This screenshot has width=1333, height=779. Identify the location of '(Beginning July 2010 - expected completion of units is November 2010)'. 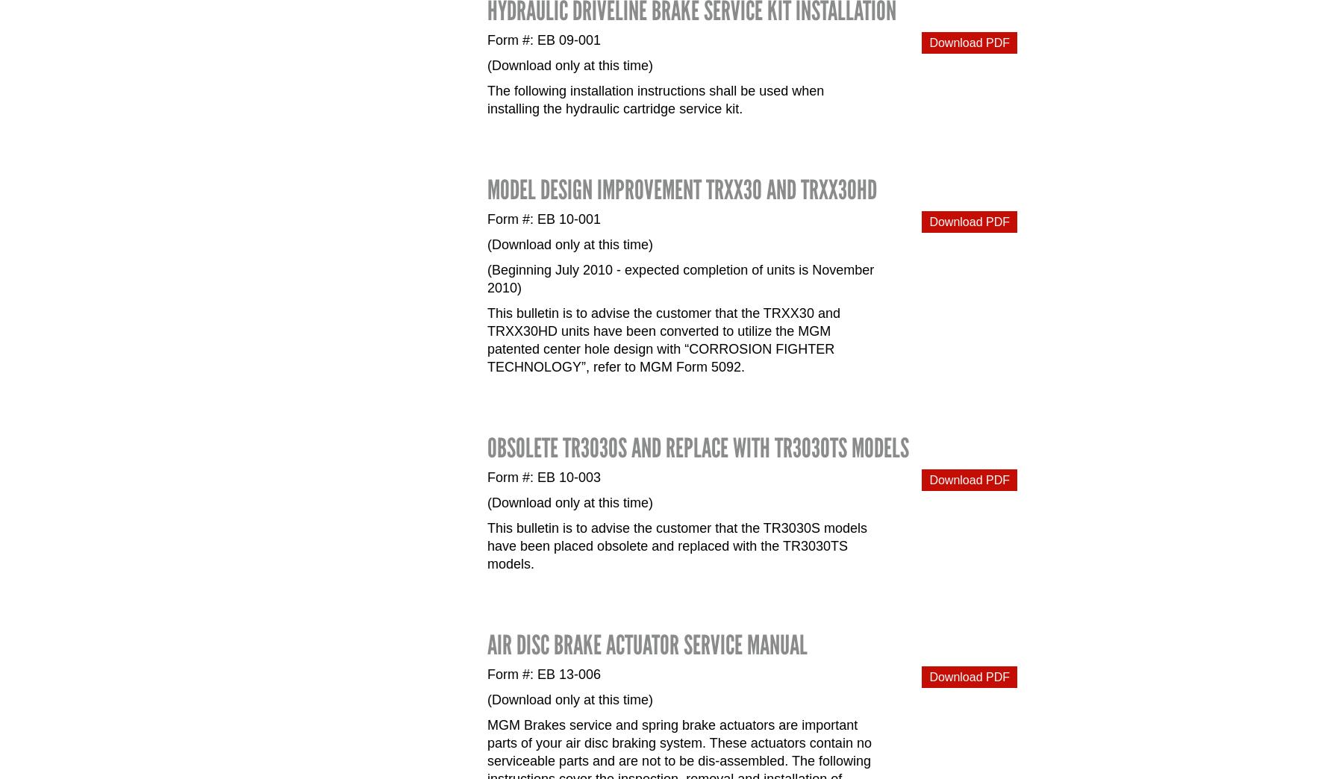
(680, 278).